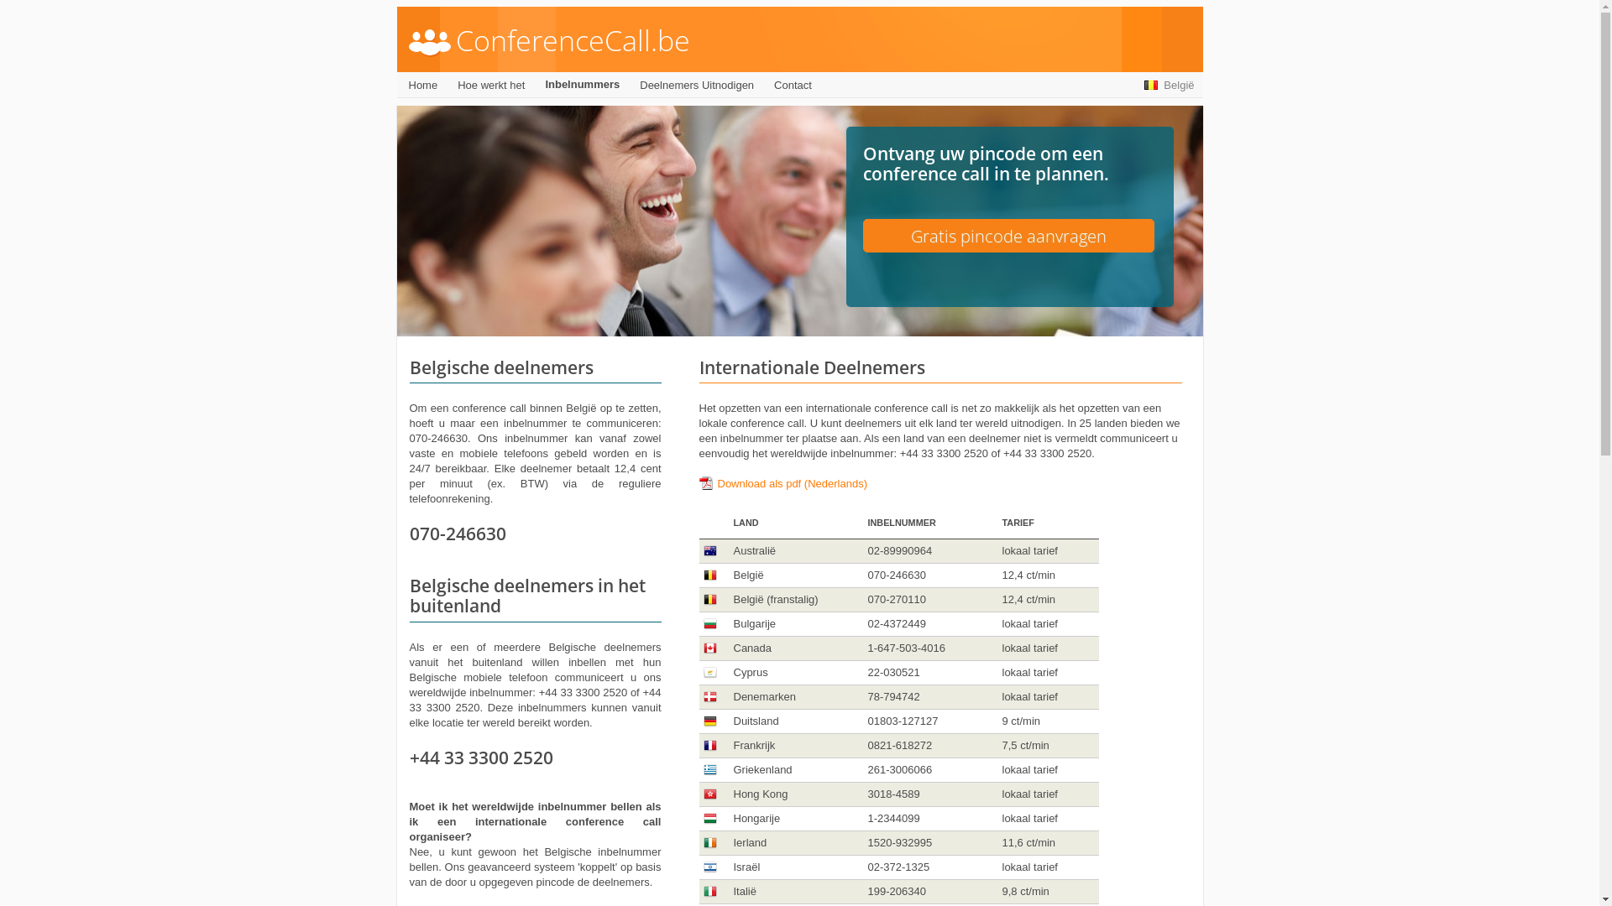  Describe the element at coordinates (422, 85) in the screenshot. I see `'Home'` at that location.